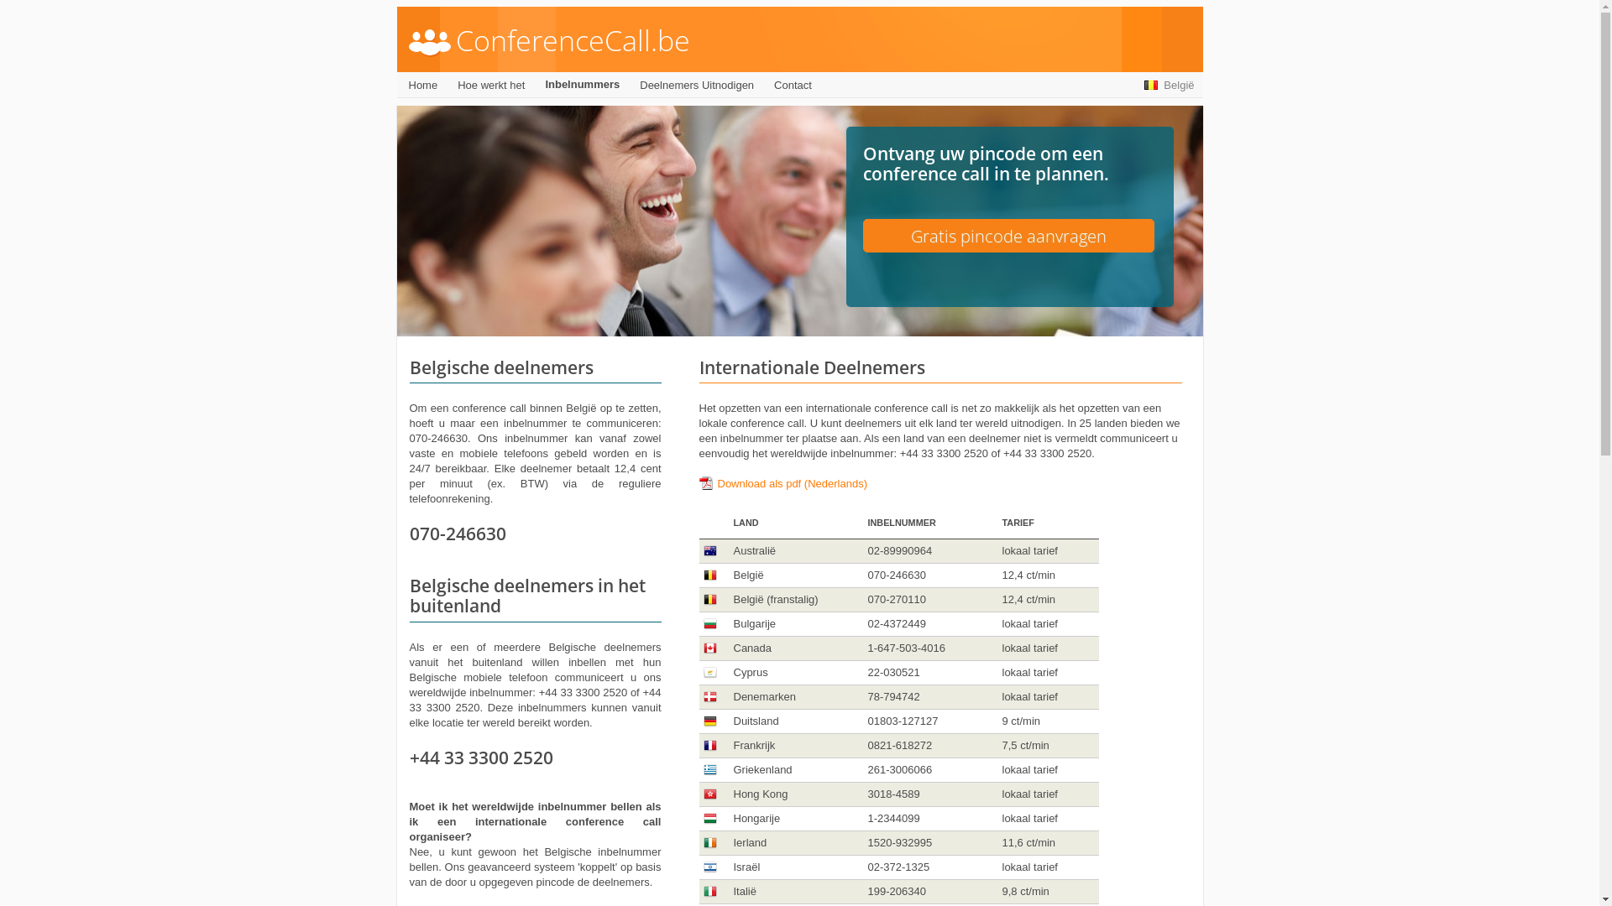  Describe the element at coordinates (422, 85) in the screenshot. I see `'Home'` at that location.